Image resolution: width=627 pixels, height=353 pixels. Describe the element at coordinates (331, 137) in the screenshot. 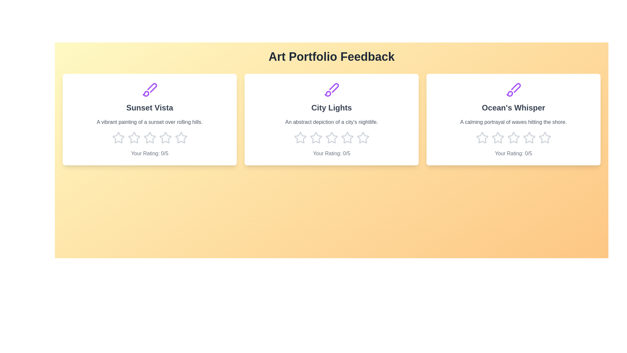

I see `the star corresponding to 3 stars for the artwork titled 'City Lights'` at that location.